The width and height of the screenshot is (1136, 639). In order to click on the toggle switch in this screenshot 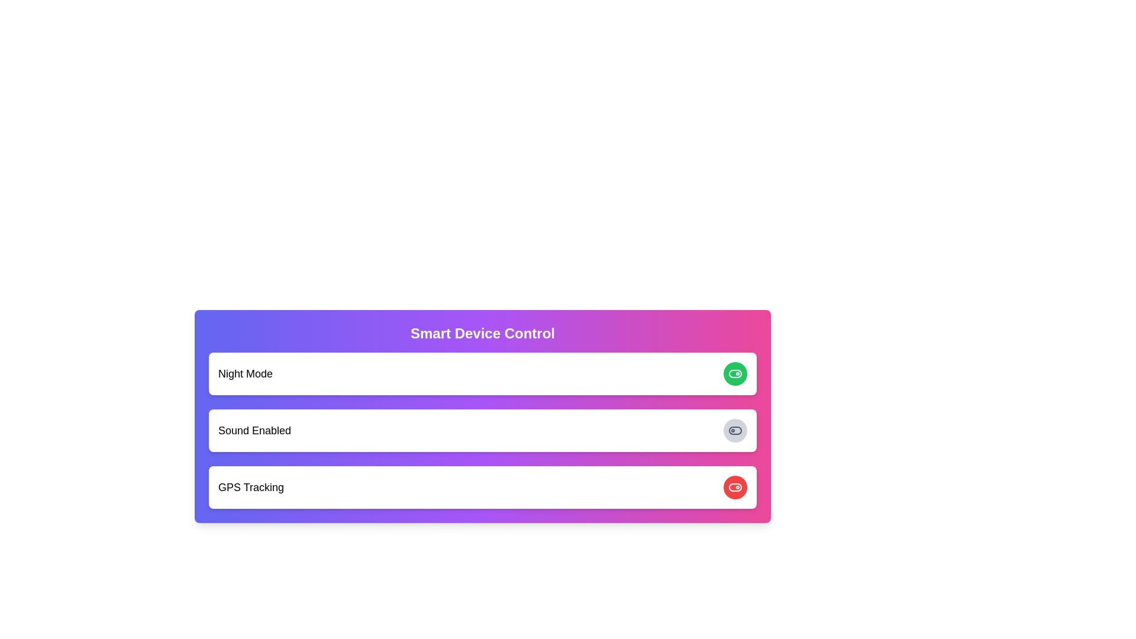, I will do `click(735, 374)`.